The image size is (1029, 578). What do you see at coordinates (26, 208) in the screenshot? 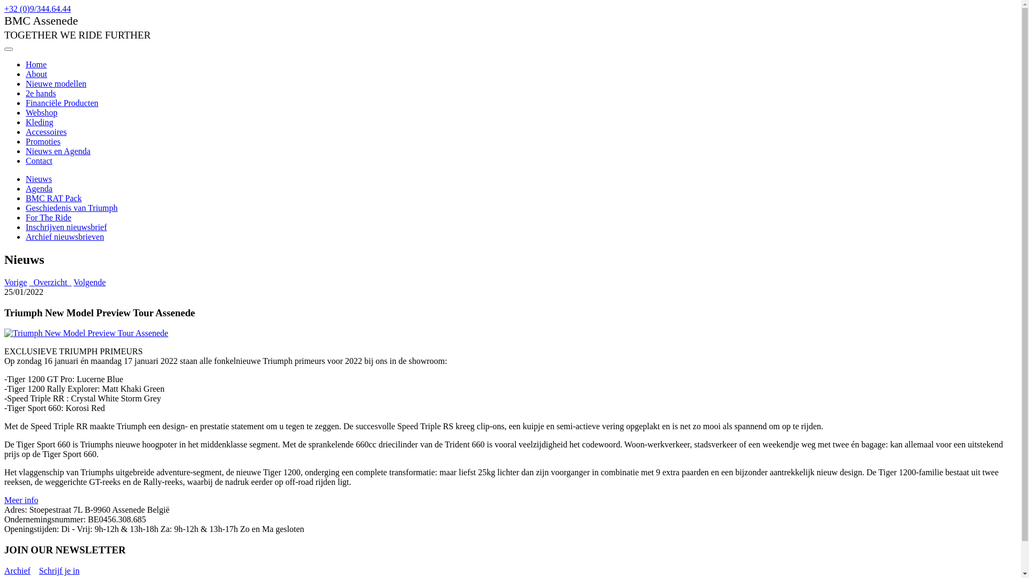
I see `'Geschiedenis van Triumph'` at bounding box center [26, 208].